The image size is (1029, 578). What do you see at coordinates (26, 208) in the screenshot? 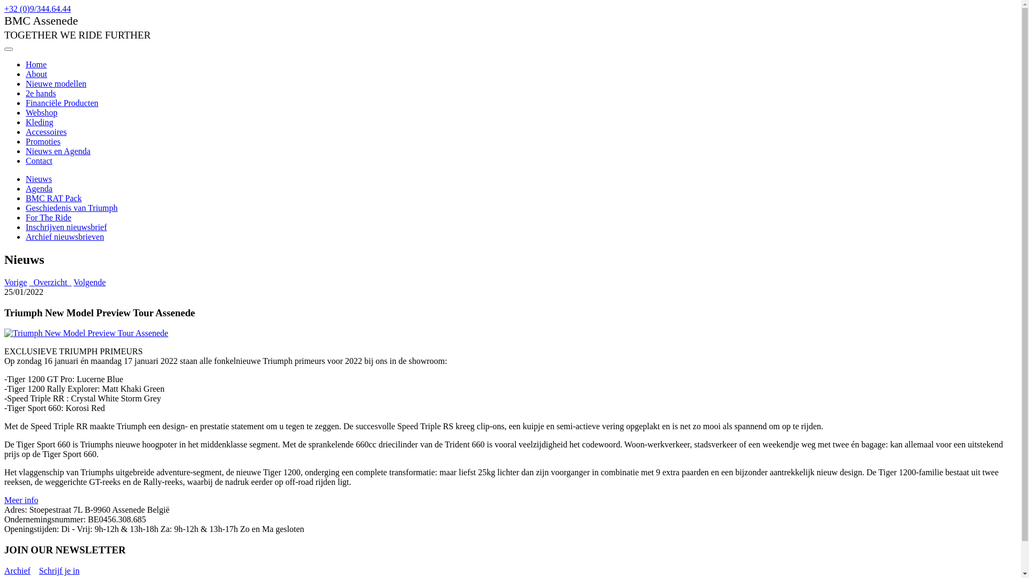
I see `'Geschiedenis van Triumph'` at bounding box center [26, 208].